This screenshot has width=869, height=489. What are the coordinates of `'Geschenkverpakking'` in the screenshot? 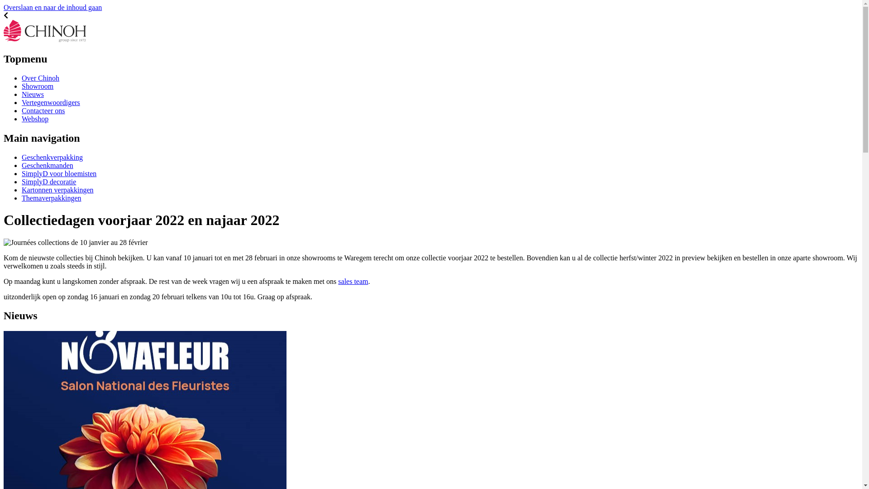 It's located at (52, 157).